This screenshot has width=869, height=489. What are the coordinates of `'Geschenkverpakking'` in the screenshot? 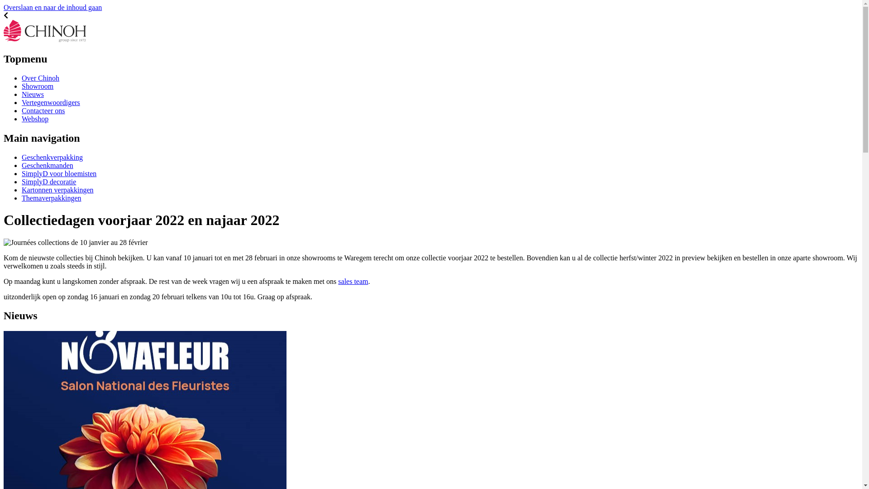 It's located at (52, 157).